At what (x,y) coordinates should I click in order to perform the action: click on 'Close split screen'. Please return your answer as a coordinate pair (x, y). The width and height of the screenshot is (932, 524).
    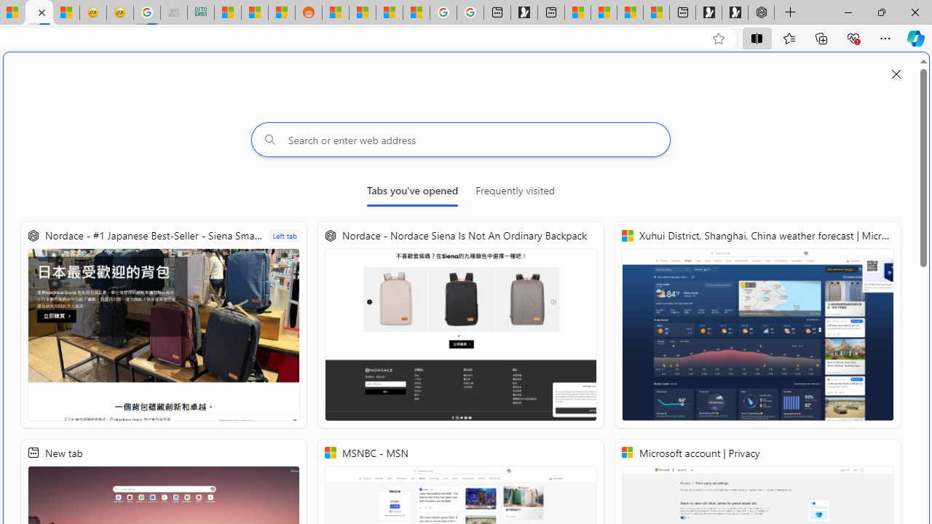
    Looking at the image, I should click on (896, 74).